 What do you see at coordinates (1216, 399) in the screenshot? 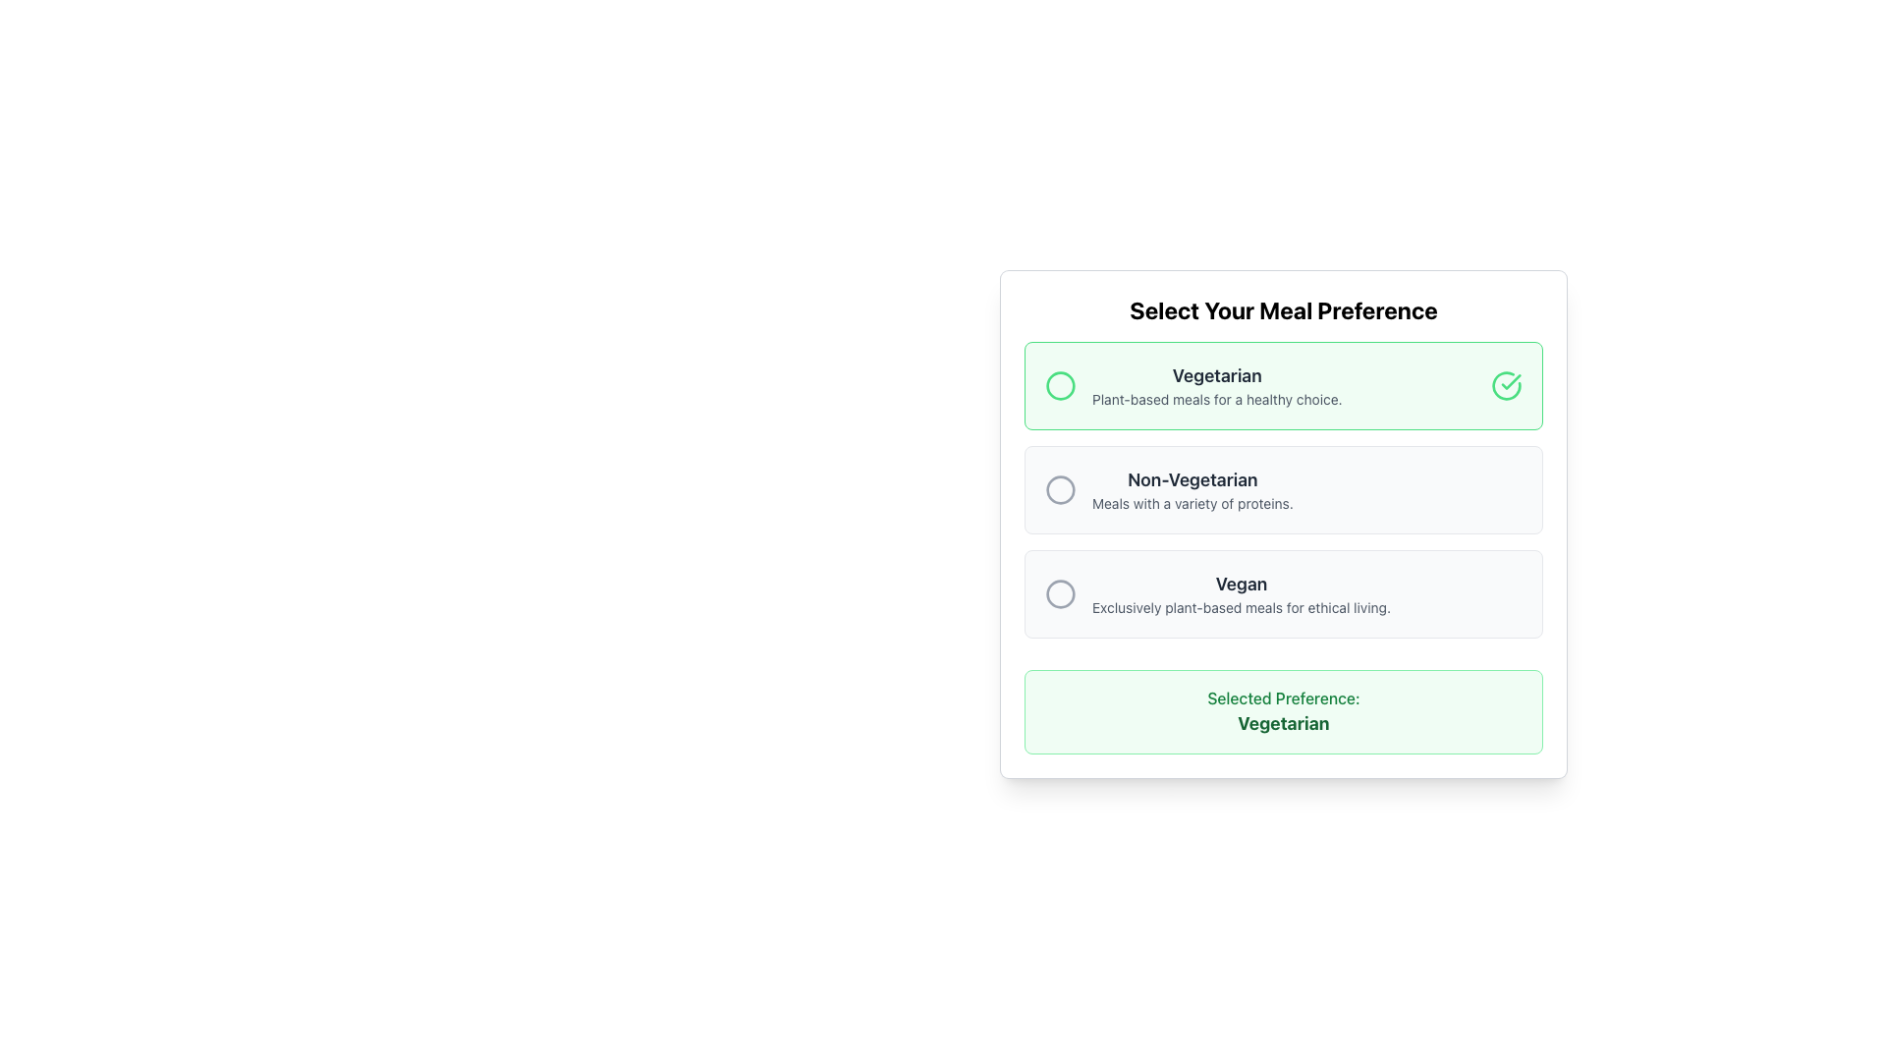
I see `the text label reading 'Plant-based meals for a healthy choice.' which is positioned below the bold header 'Vegetarian'` at bounding box center [1216, 399].